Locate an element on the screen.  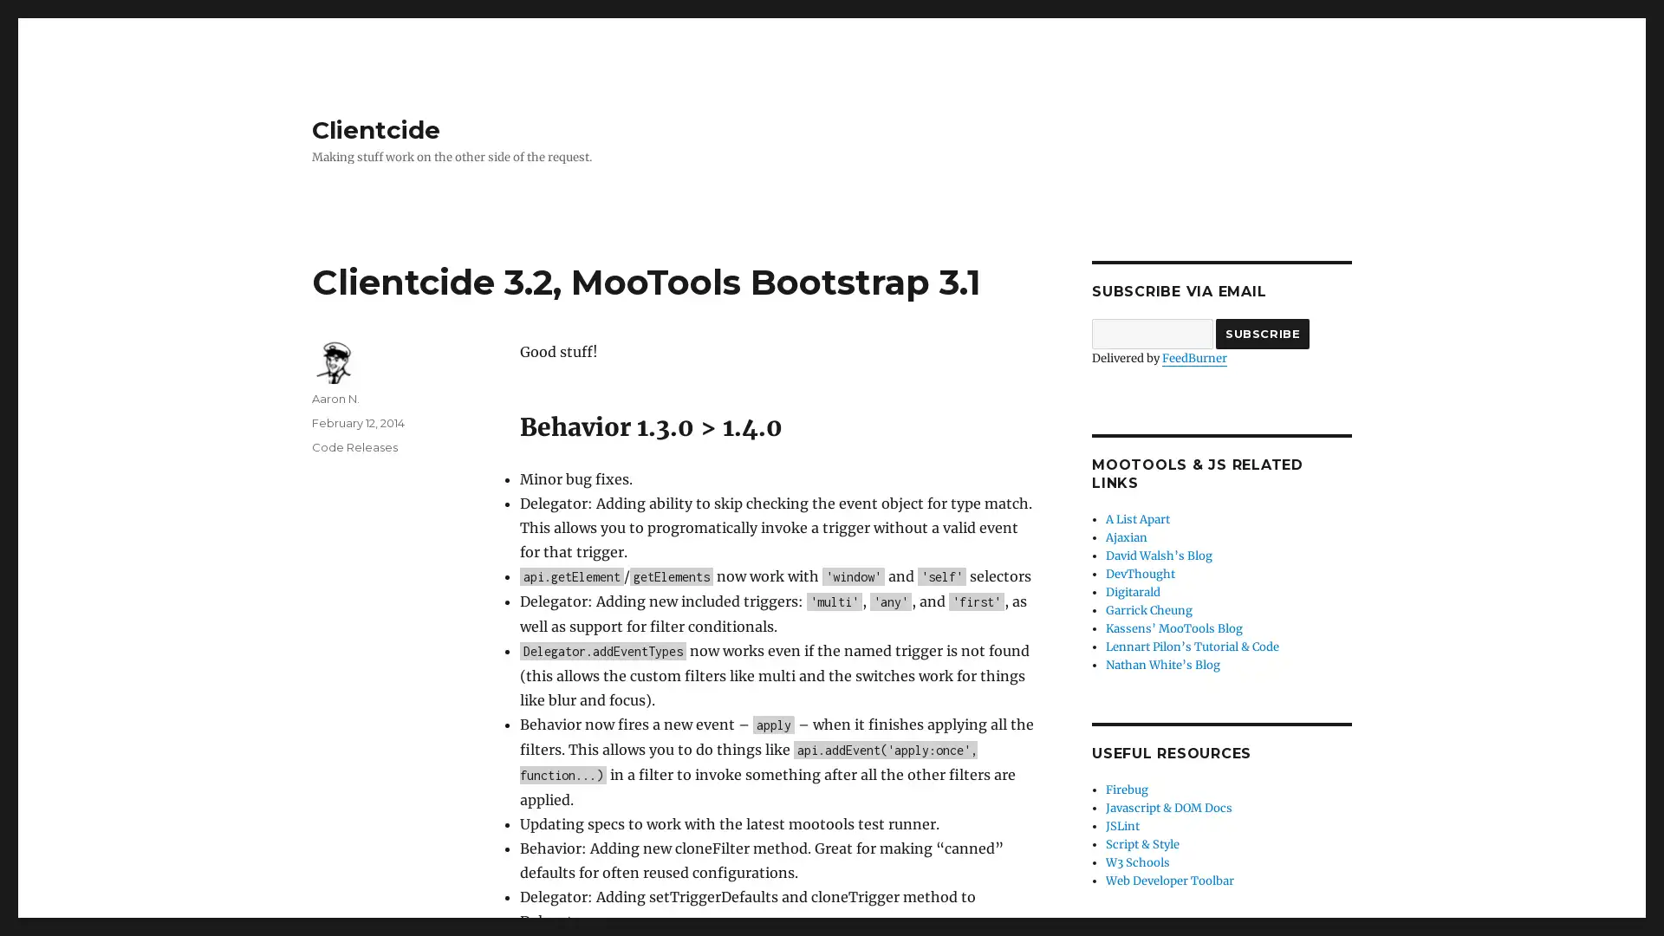
Subscribe is located at coordinates (1263, 334).